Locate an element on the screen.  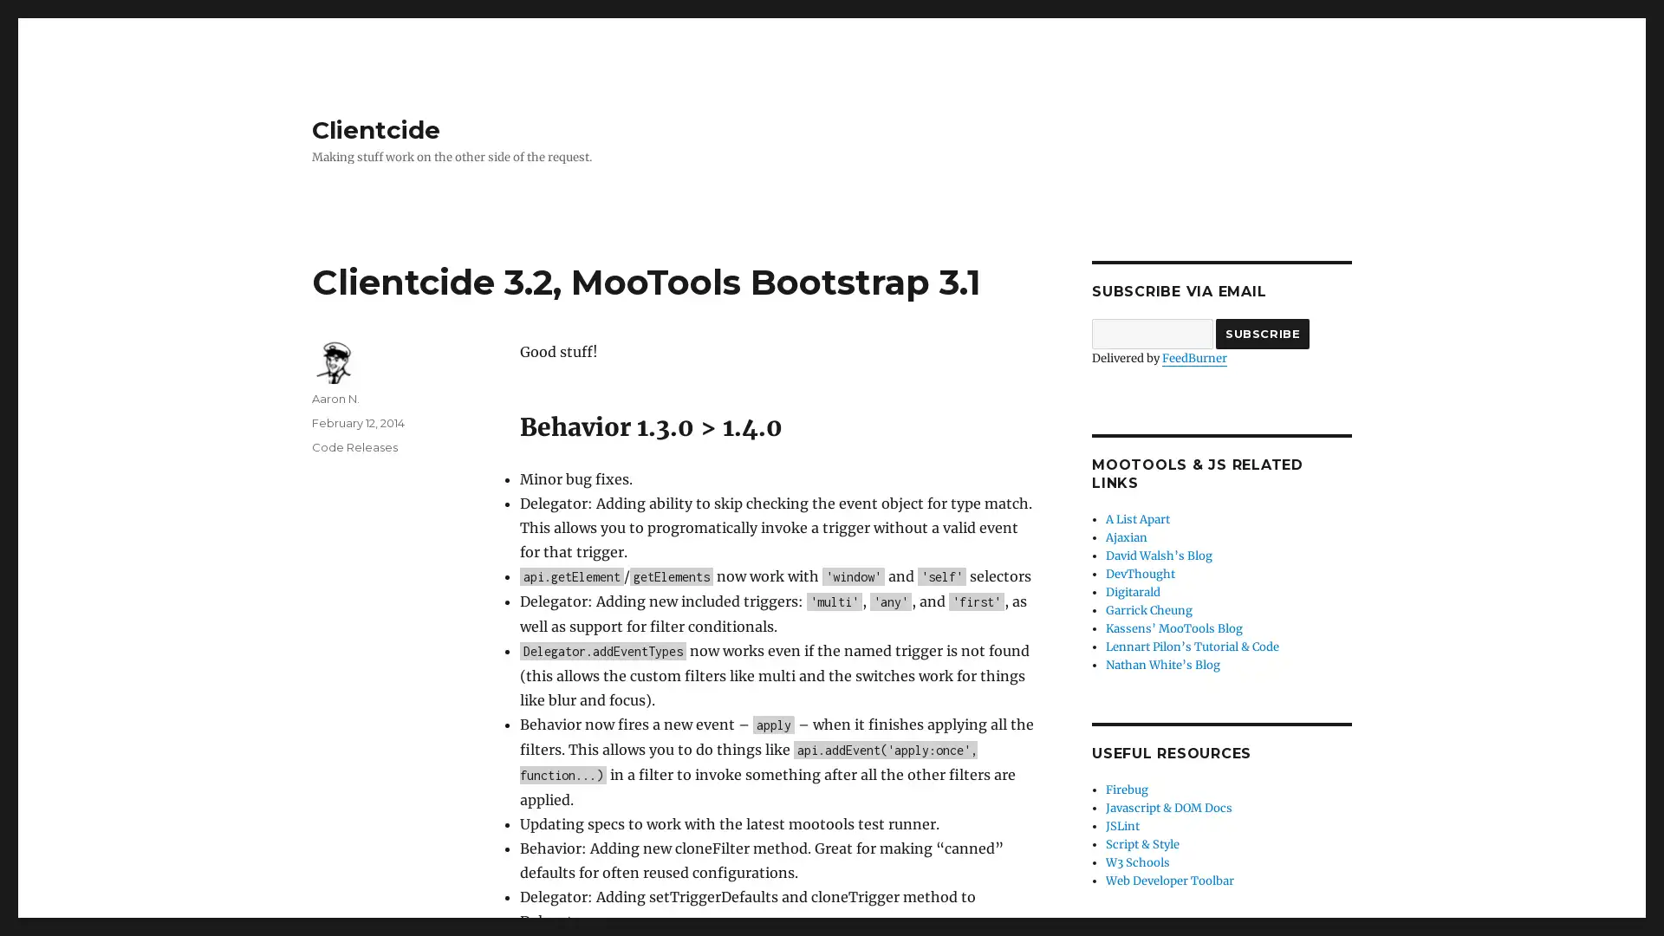
Subscribe is located at coordinates (1263, 334).